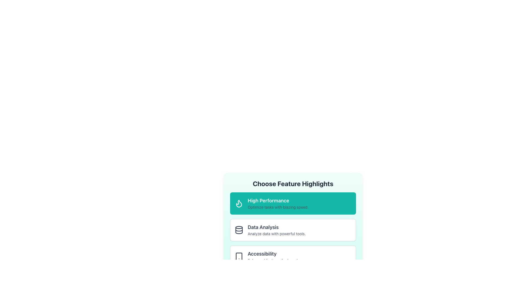  I want to click on the 'Data Analysis' feature option button located in the center of the list under 'Choose Feature Highlights', so click(293, 230).